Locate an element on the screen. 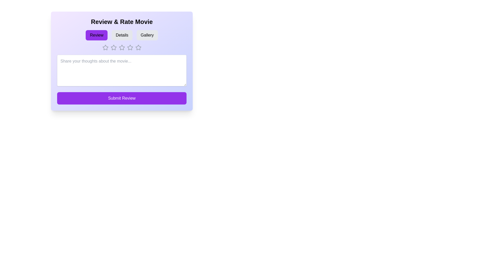  the Gallery tab is located at coordinates (147, 35).